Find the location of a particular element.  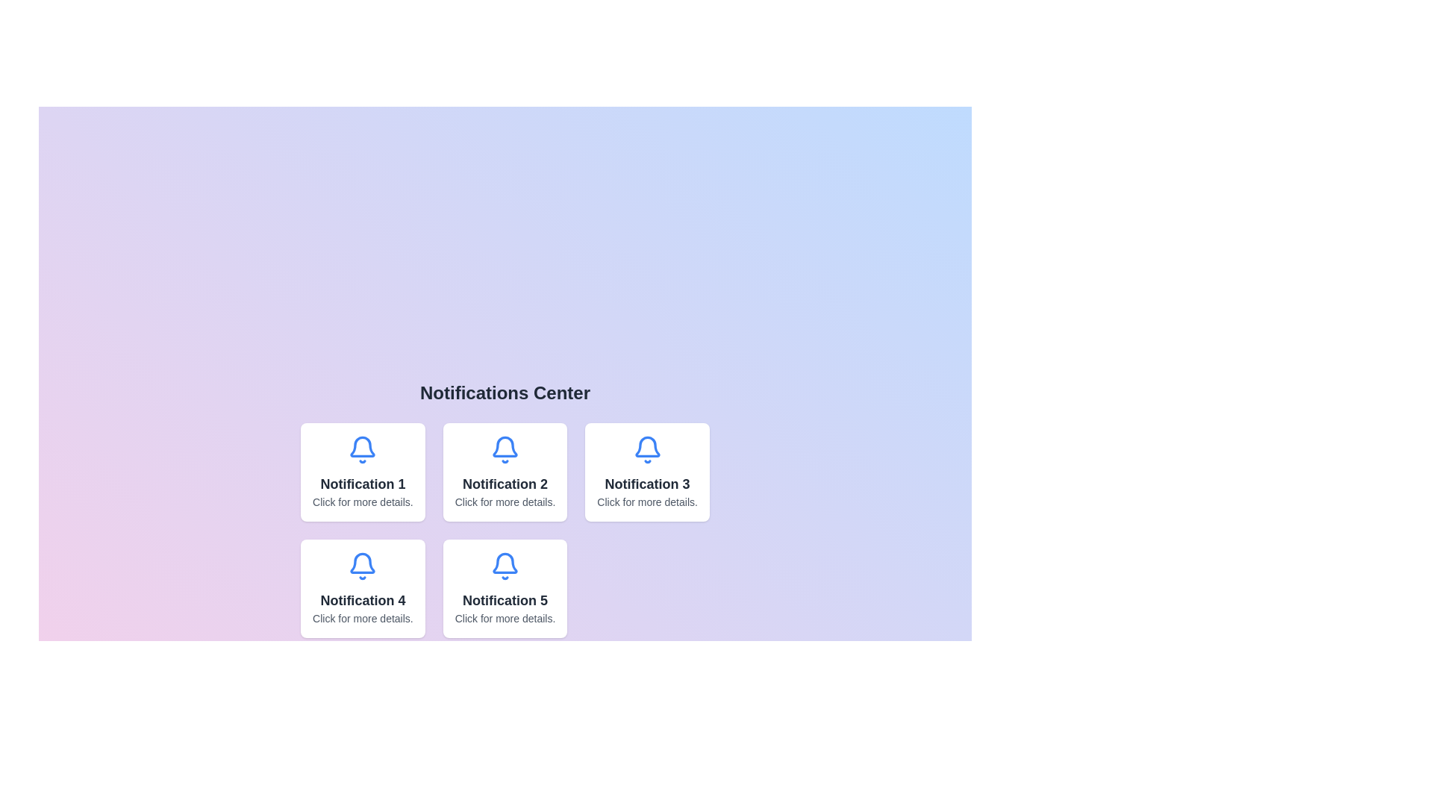

notification indicator icon located at the center of the 'Notification 5' card in the bottom-right corner of the grid layout is located at coordinates (505, 566).